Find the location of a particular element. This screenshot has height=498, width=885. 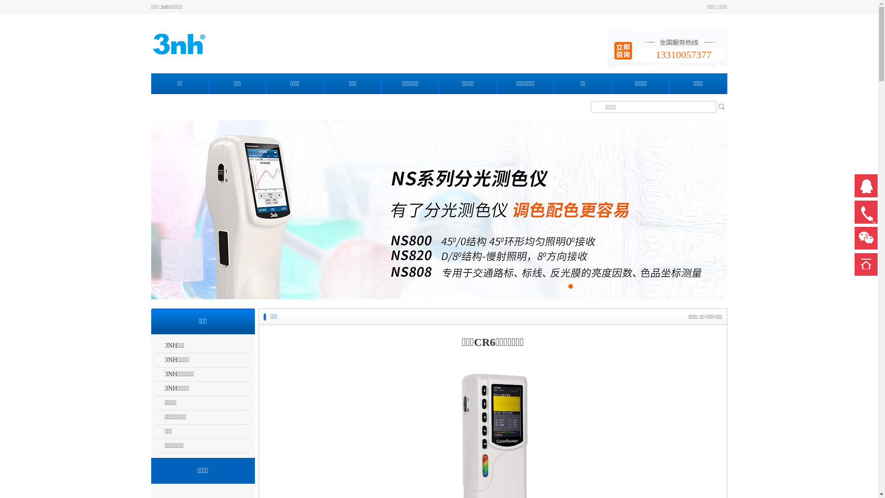

'1' is located at coordinates (560, 286).